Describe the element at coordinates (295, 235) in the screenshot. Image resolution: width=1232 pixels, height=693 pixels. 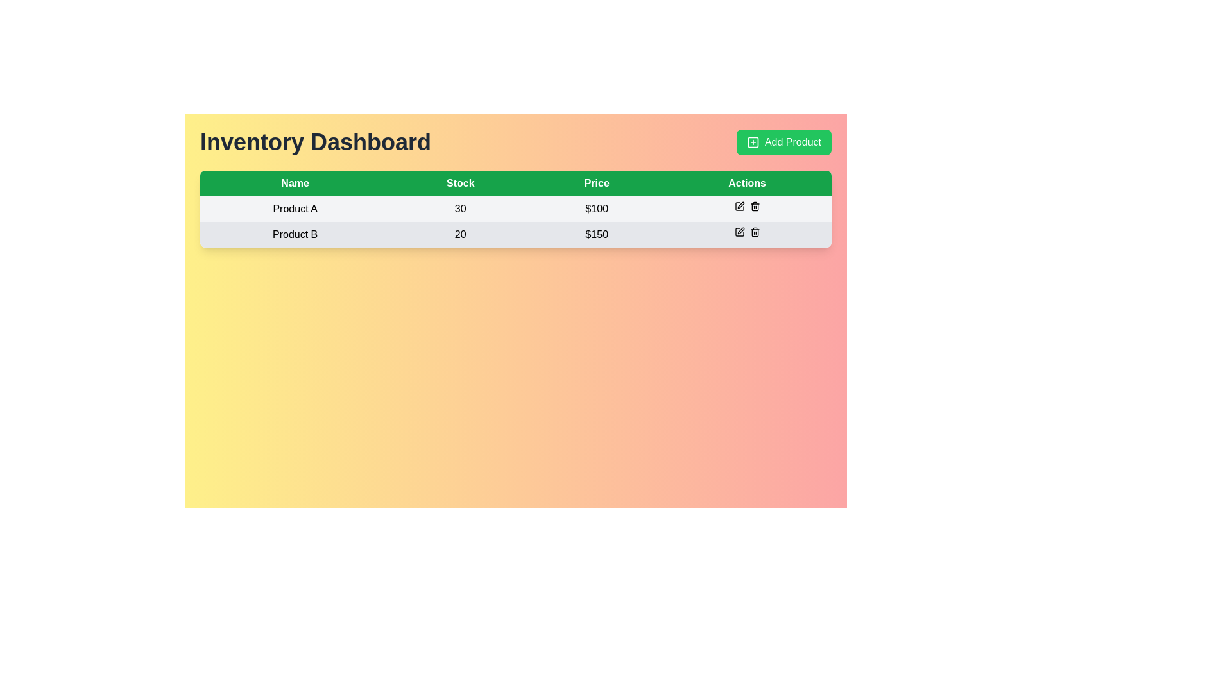
I see `the 'Product B' text label in the second row of the table under the 'Name' column, which is displayed in a black sans-serif font` at that location.